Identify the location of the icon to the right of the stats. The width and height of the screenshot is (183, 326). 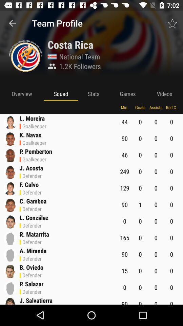
(127, 93).